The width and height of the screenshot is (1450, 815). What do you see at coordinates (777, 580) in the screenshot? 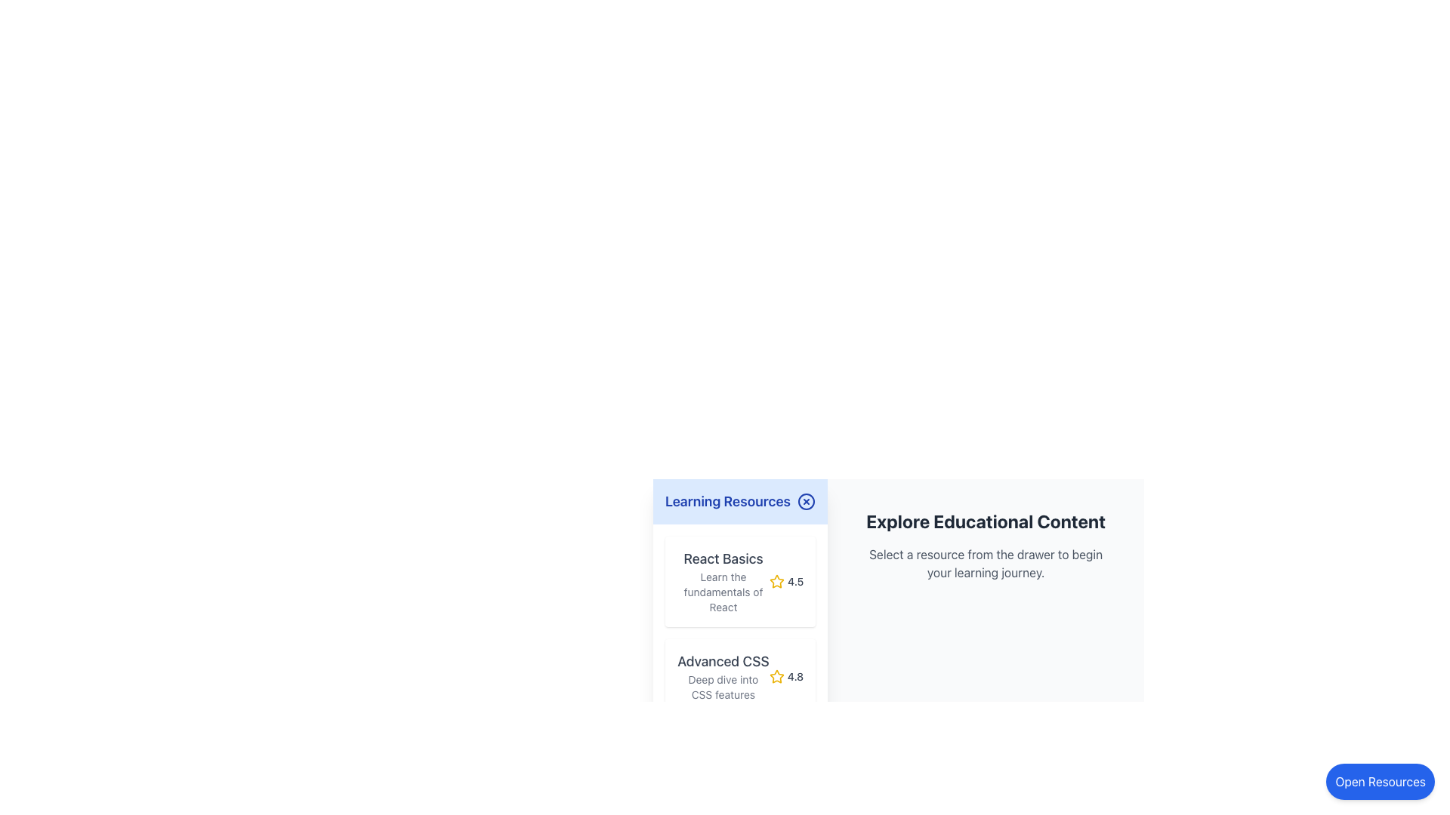
I see `the star icon representing the rating for 'React Basics' located in the left panel under 'Learning Resources'` at bounding box center [777, 580].